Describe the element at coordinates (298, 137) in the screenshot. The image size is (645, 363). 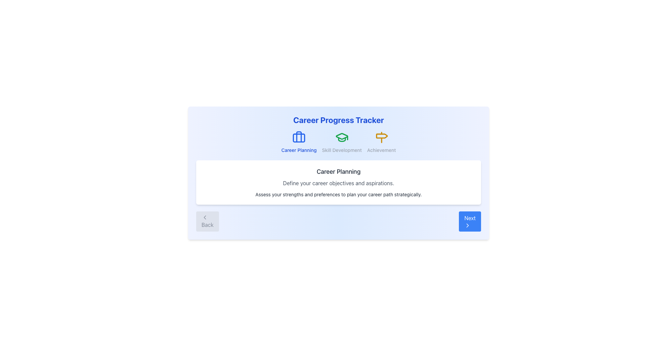
I see `the blue rectangular shape with rounded corners that is part of the briefcase icon located under the 'Career Progress Tracker' heading` at that location.